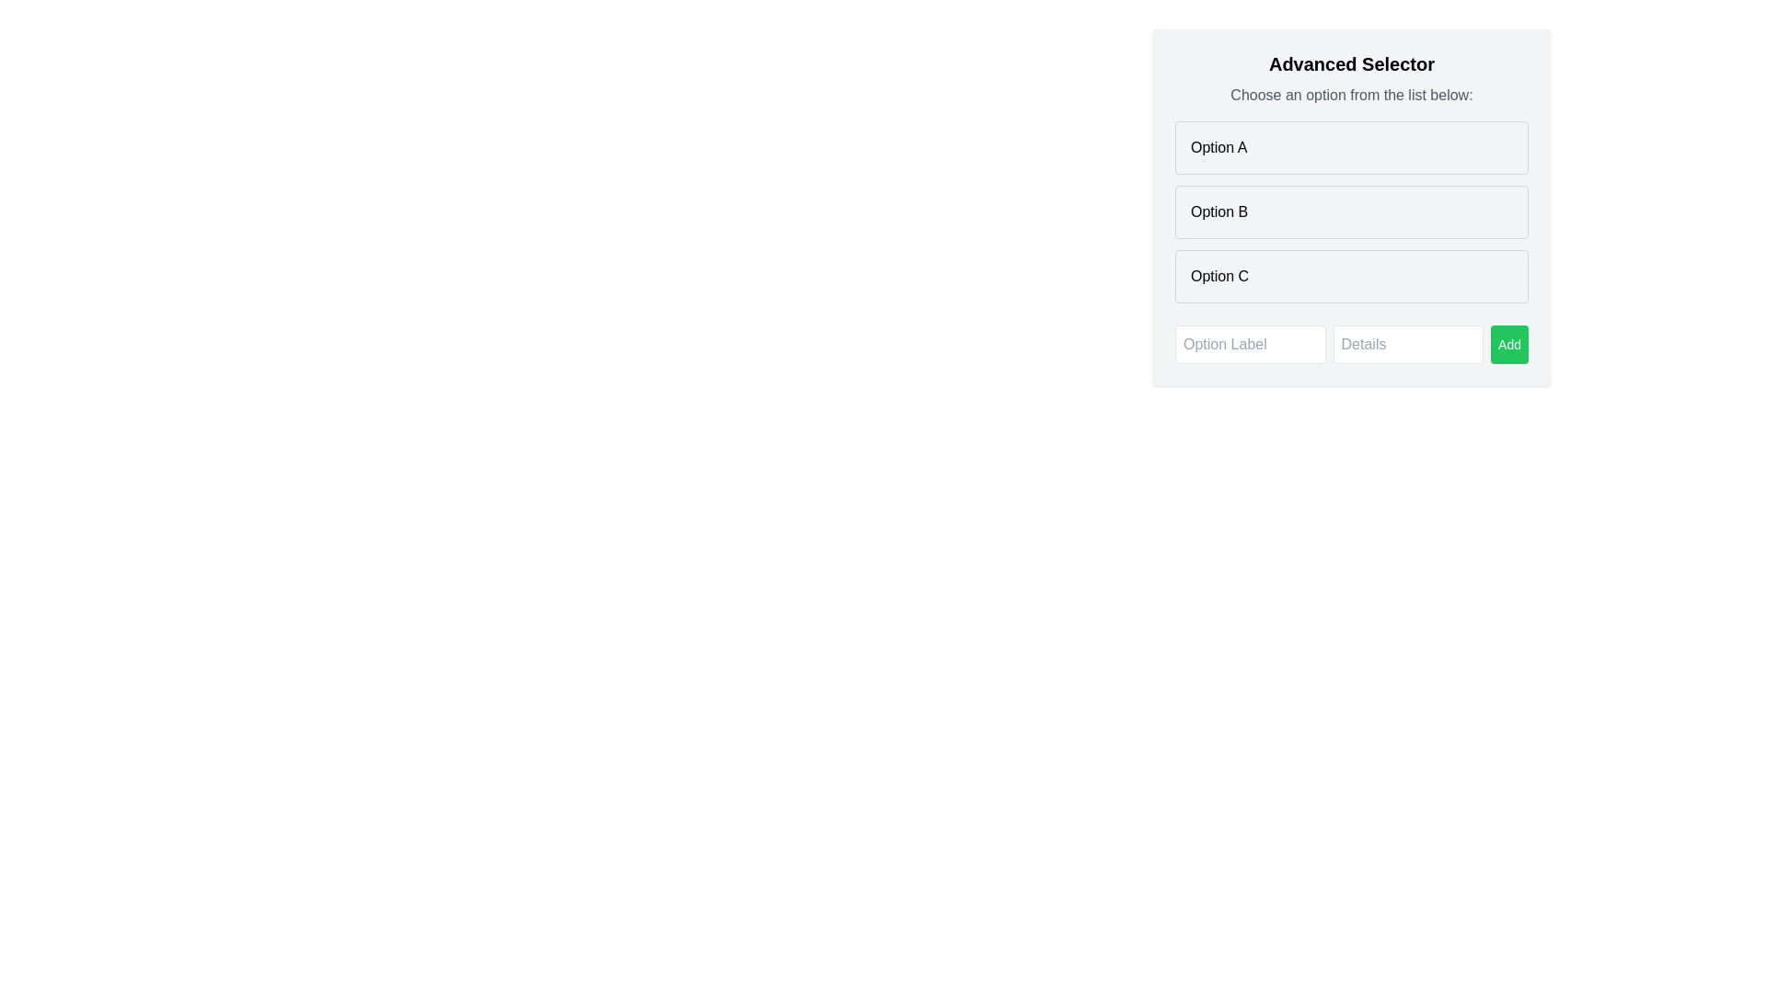  What do you see at coordinates (1351, 276) in the screenshot?
I see `the third selectable option in the list` at bounding box center [1351, 276].